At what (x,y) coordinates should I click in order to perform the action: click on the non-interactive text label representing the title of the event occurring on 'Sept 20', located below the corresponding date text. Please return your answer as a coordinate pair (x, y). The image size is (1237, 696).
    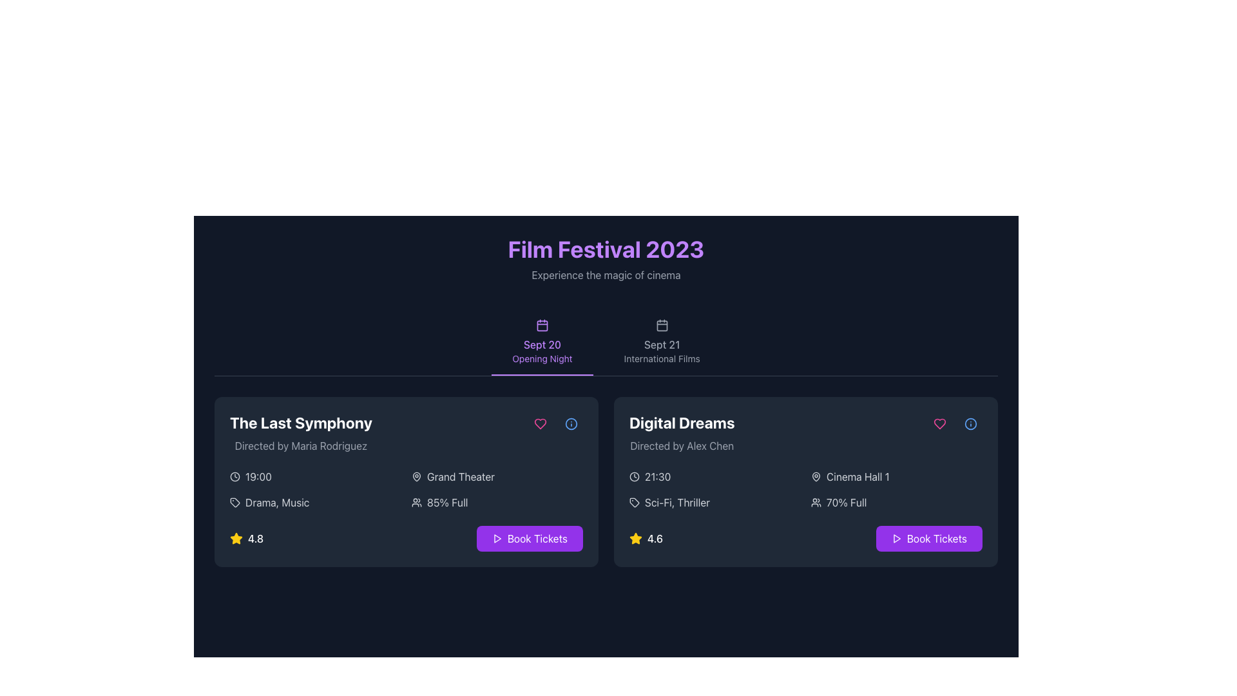
    Looking at the image, I should click on (542, 358).